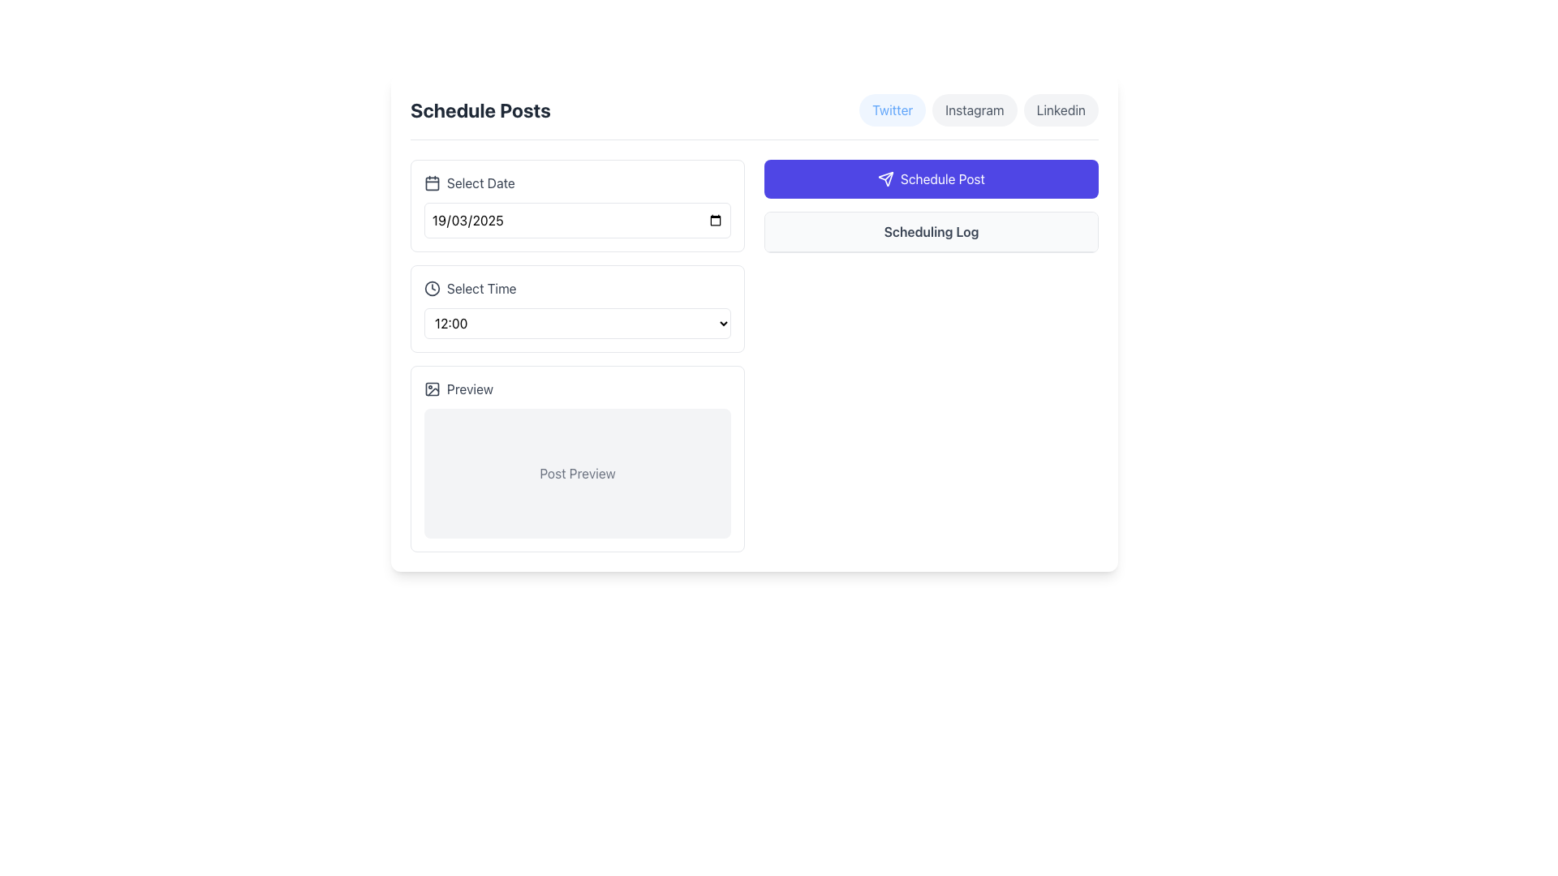  What do you see at coordinates (432, 389) in the screenshot?
I see `the minimalistic dark gray icon with a rectangular frame and circular design located to the left of the 'Preview' text in the 'Preview' section` at bounding box center [432, 389].